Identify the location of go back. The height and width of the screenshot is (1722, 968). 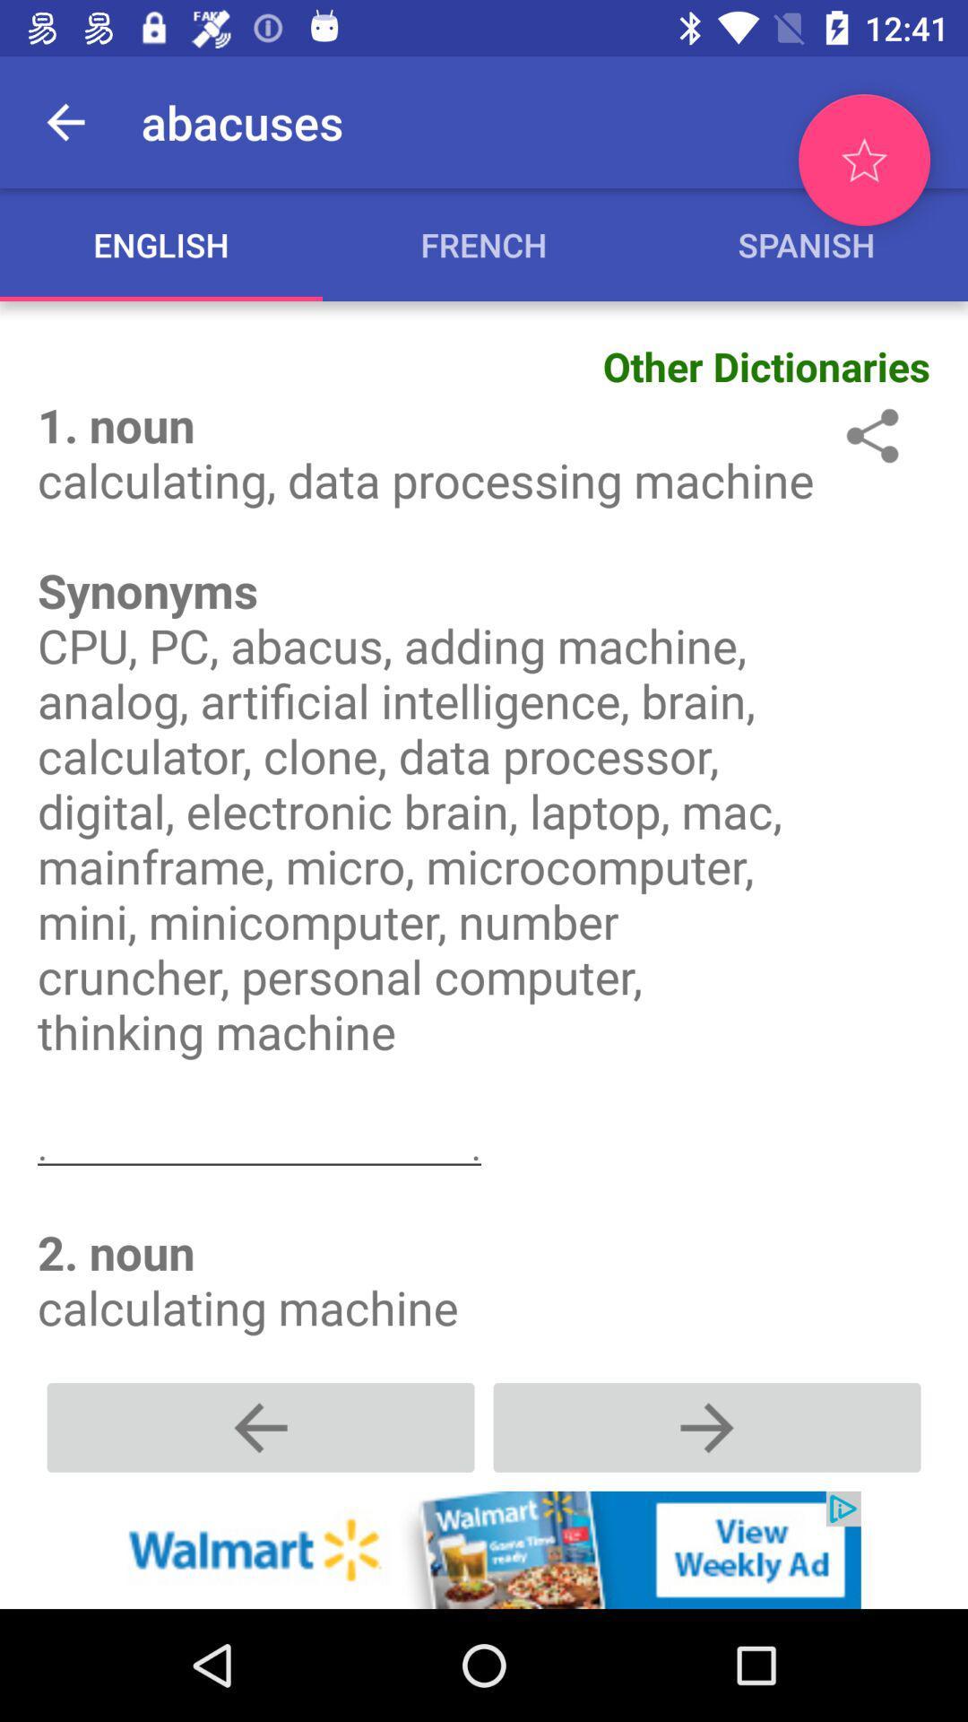
(260, 1426).